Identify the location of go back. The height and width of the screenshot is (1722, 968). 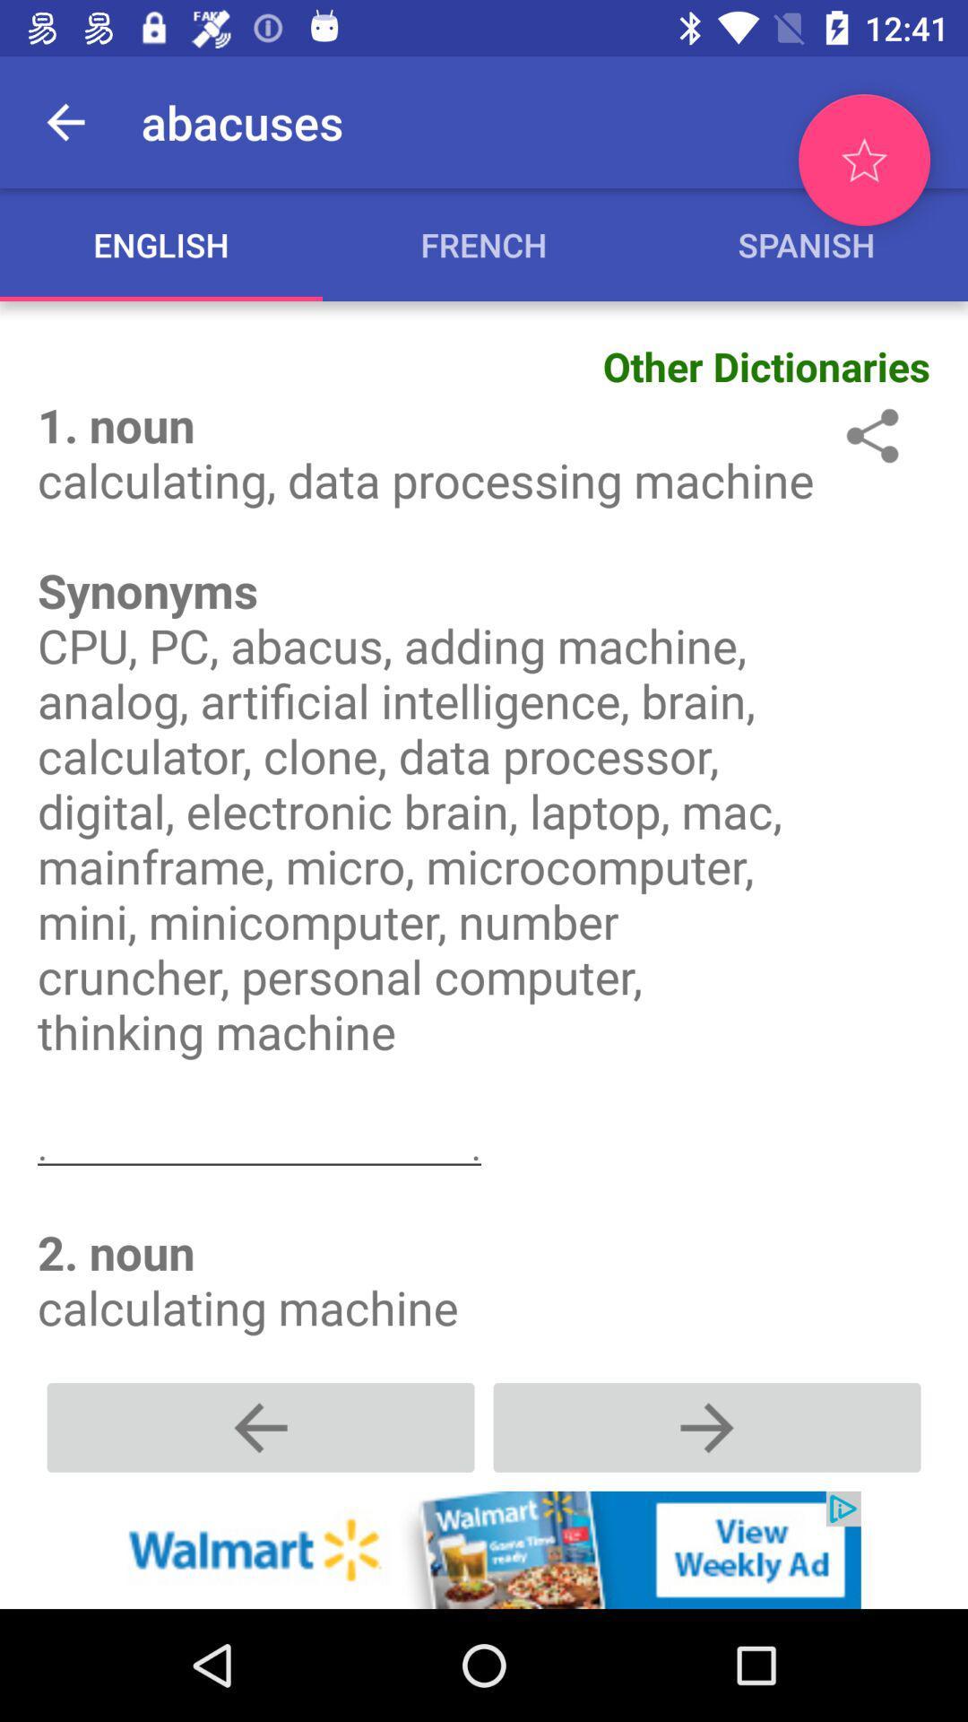
(260, 1426).